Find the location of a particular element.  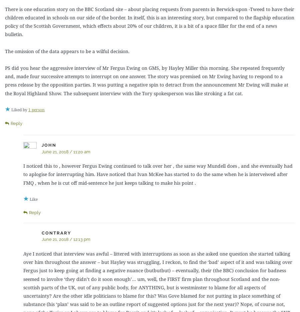

'There is one education story on the BBC Scotland site – about placing requests from parents in Berwick-upon -Tweed to have their children educated in schools on our side of the border. In itself, this is an interesting story, but compared to the flagship education policy of the Scottish Government, which effects about 20% of our children, it is a bit of a space filler for the end of a news bulletin.' is located at coordinates (150, 21).